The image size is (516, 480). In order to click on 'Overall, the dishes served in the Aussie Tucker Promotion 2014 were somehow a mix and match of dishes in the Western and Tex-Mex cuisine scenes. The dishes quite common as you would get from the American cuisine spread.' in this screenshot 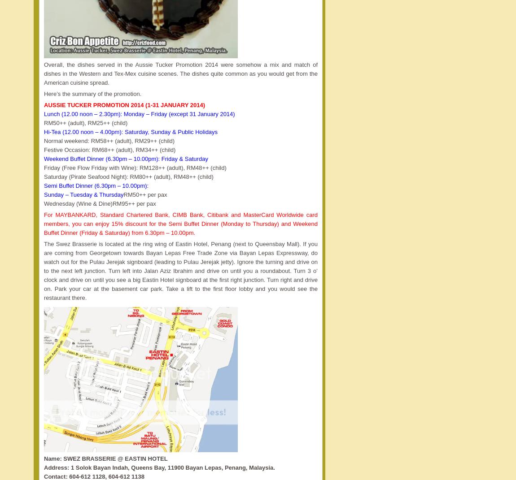, I will do `click(180, 73)`.